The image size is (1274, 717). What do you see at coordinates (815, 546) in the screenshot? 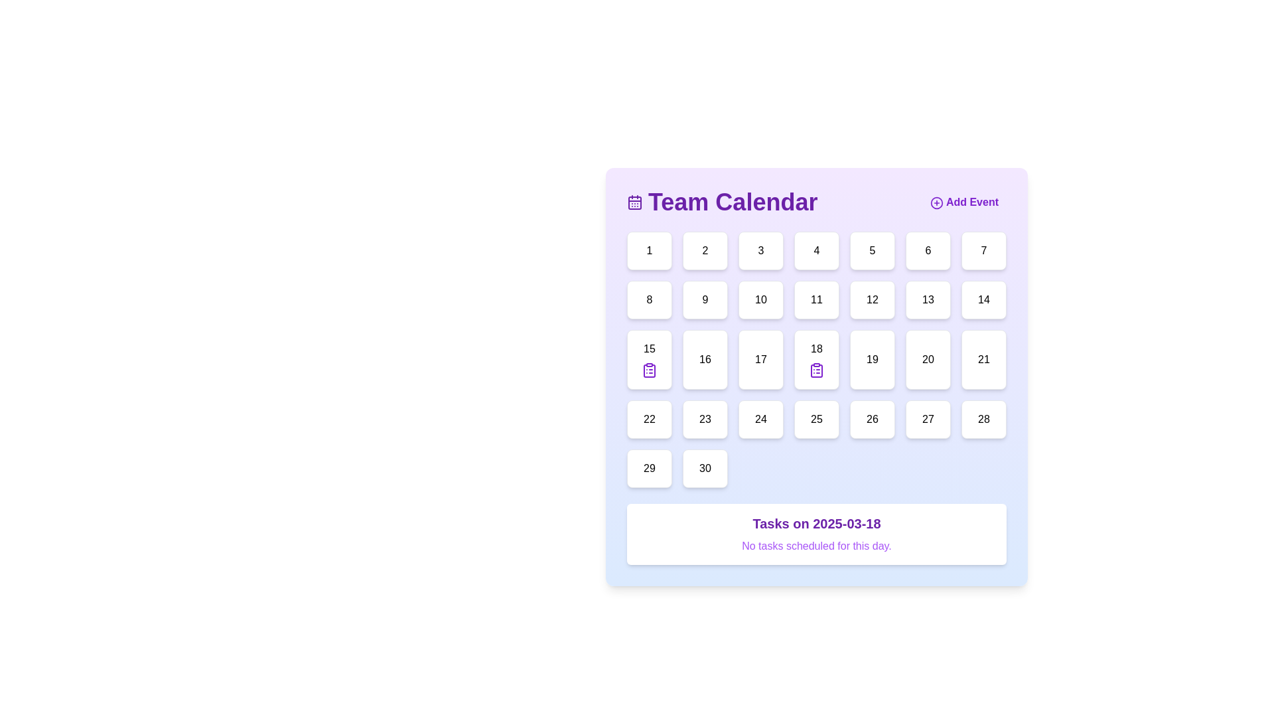
I see `the text label displaying 'No tasks scheduled for this day.' which is located below the 'Tasks on 2025-03-18' heading` at bounding box center [815, 546].